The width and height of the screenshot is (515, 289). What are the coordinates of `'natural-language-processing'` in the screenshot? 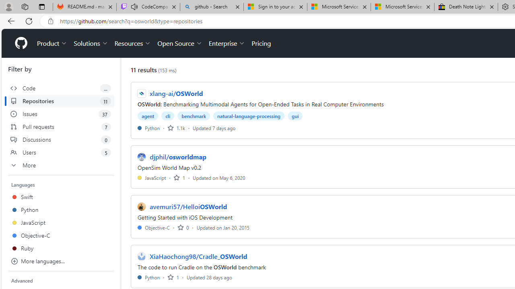 It's located at (248, 116).